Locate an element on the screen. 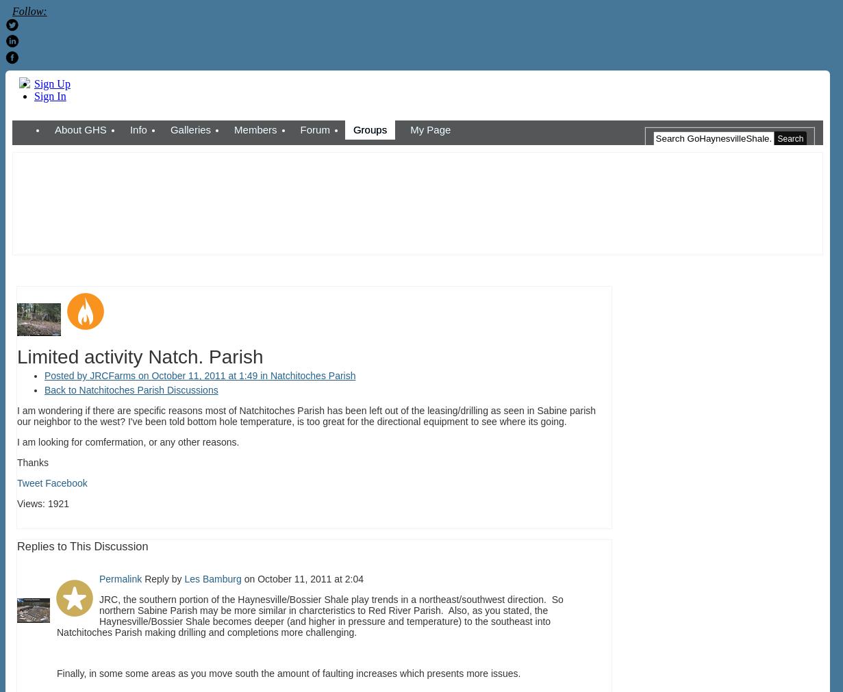 The image size is (843, 692). 'Les Bamburg' is located at coordinates (212, 579).